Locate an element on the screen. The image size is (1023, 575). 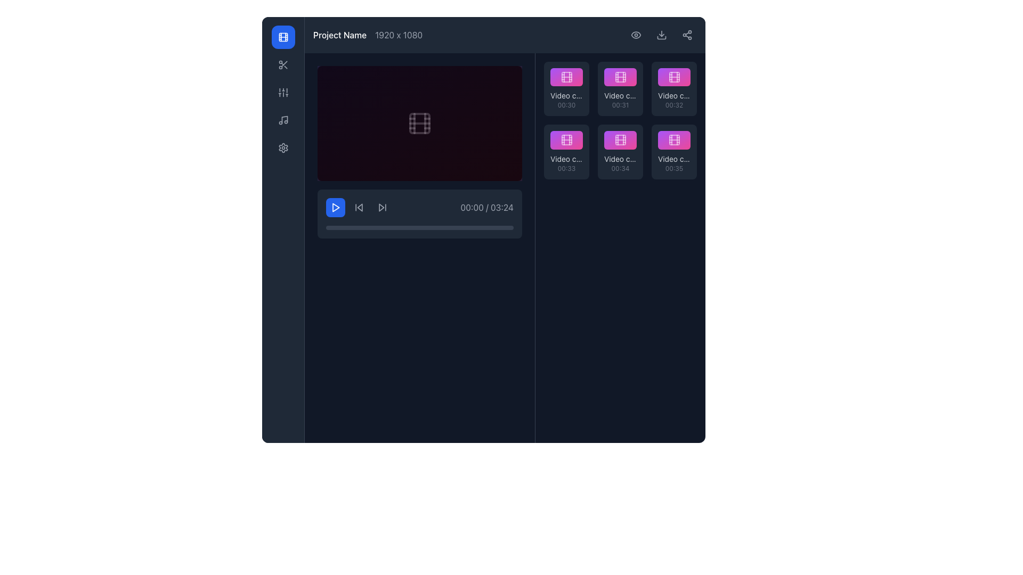
the progress bar is located at coordinates (477, 227).